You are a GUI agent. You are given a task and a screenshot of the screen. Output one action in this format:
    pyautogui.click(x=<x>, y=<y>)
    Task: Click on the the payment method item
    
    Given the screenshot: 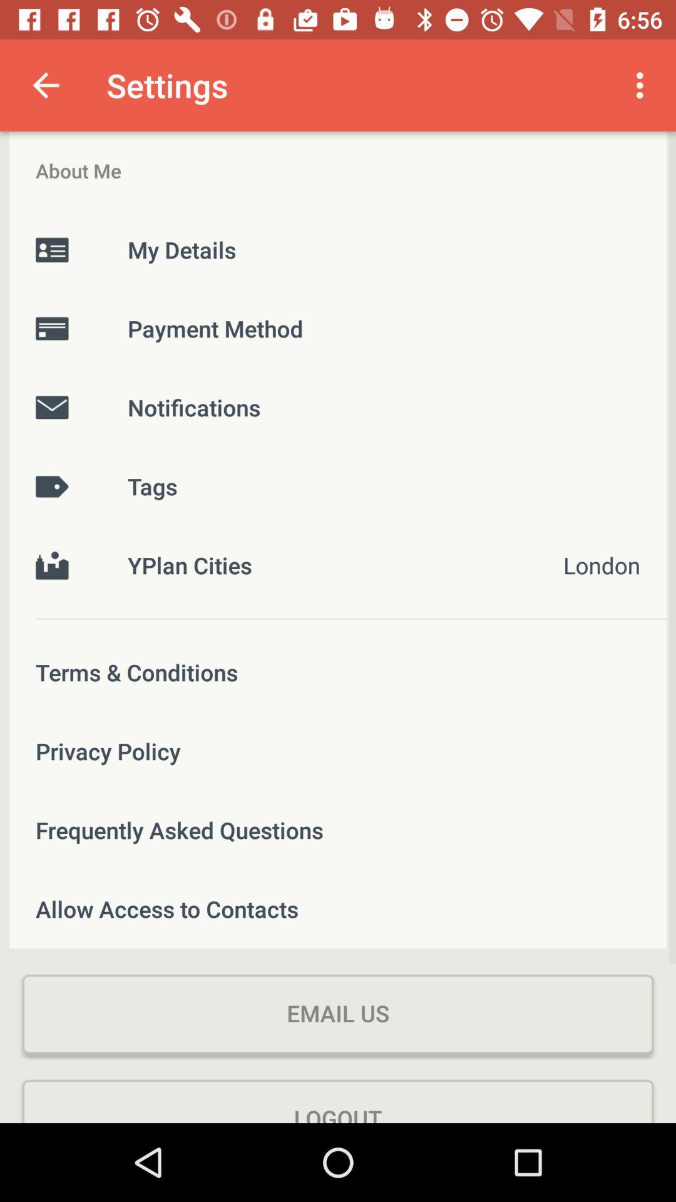 What is the action you would take?
    pyautogui.click(x=338, y=328)
    